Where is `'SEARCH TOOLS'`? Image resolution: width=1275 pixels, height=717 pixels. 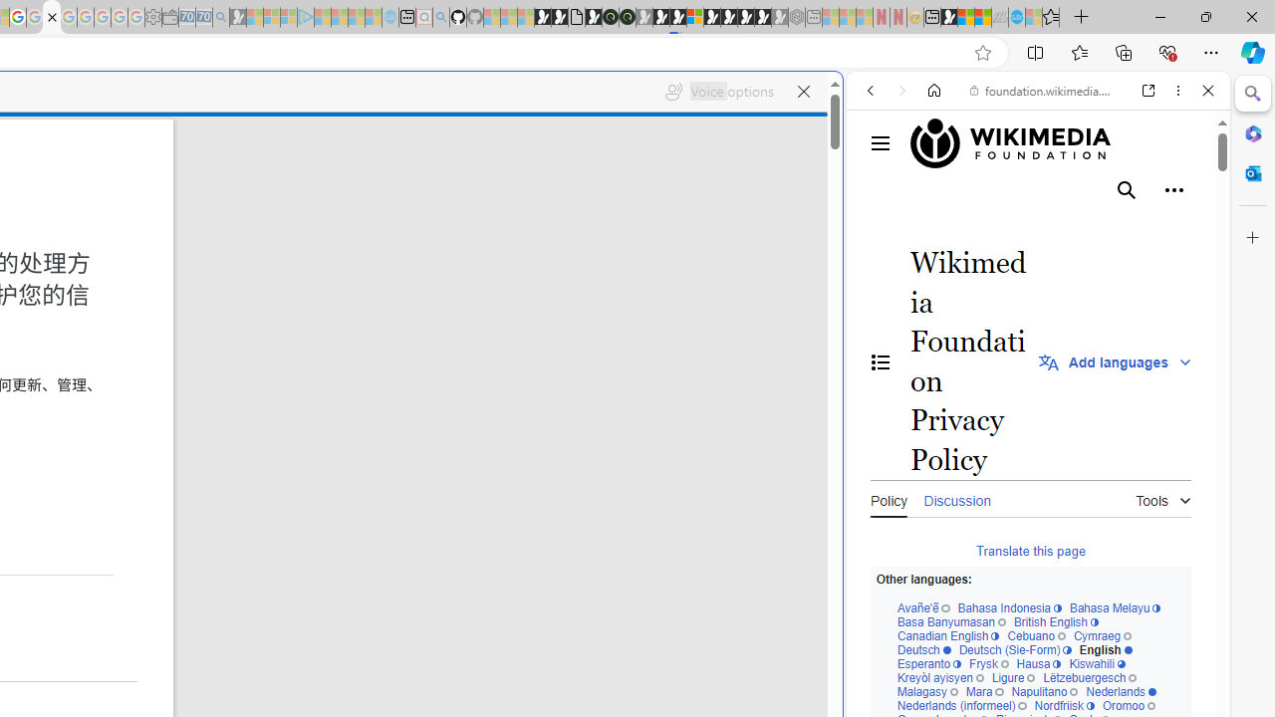
'SEARCH TOOLS' is located at coordinates (1088, 226).